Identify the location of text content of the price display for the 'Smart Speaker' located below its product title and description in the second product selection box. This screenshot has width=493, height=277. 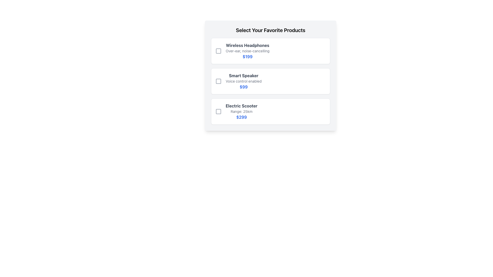
(243, 87).